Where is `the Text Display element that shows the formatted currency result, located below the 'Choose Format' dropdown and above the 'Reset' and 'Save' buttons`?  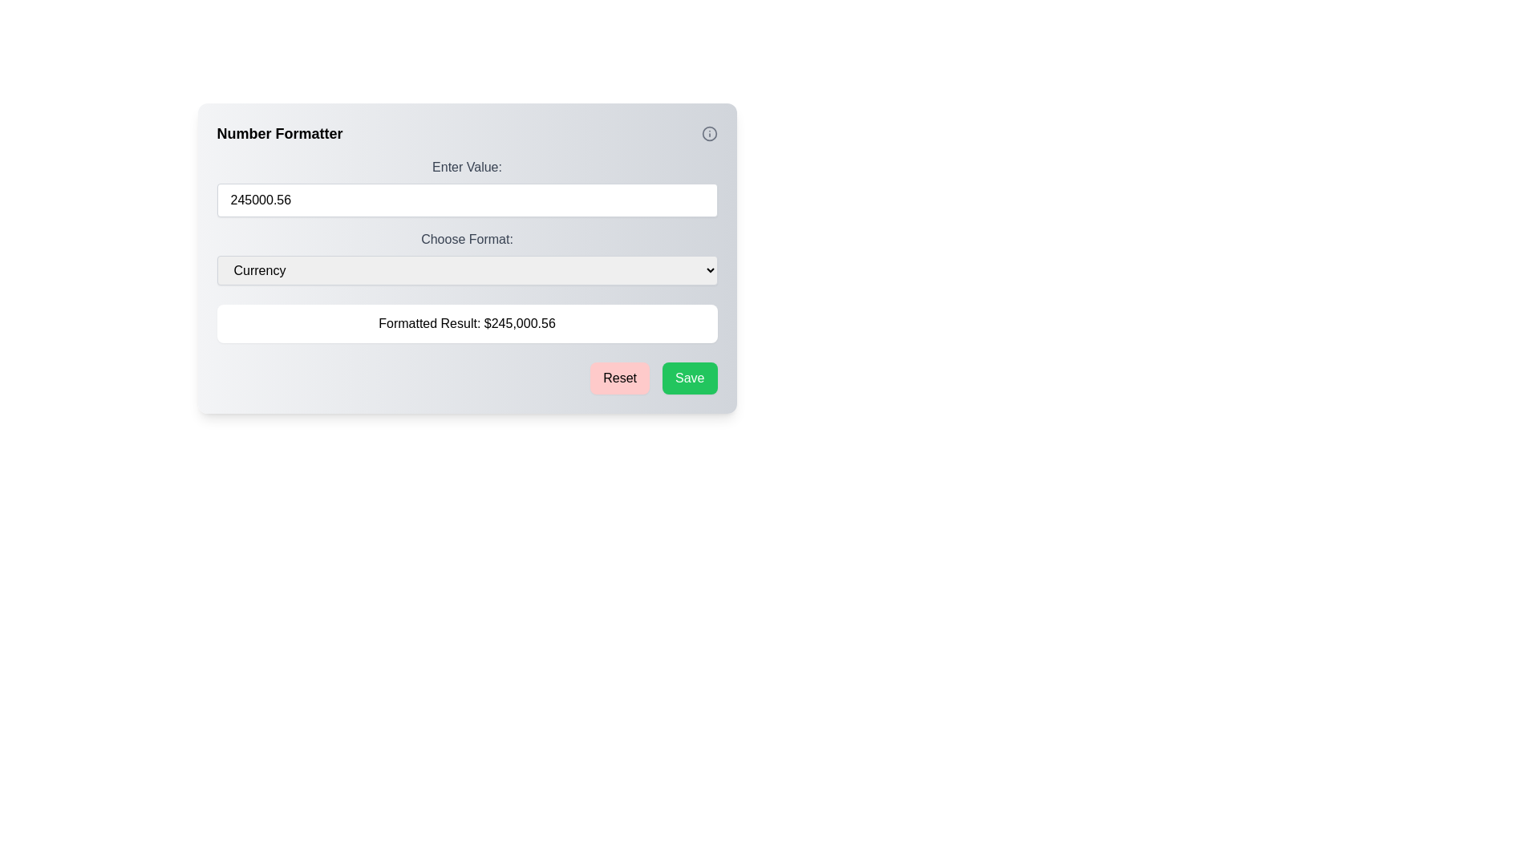 the Text Display element that shows the formatted currency result, located below the 'Choose Format' dropdown and above the 'Reset' and 'Save' buttons is located at coordinates (466, 324).